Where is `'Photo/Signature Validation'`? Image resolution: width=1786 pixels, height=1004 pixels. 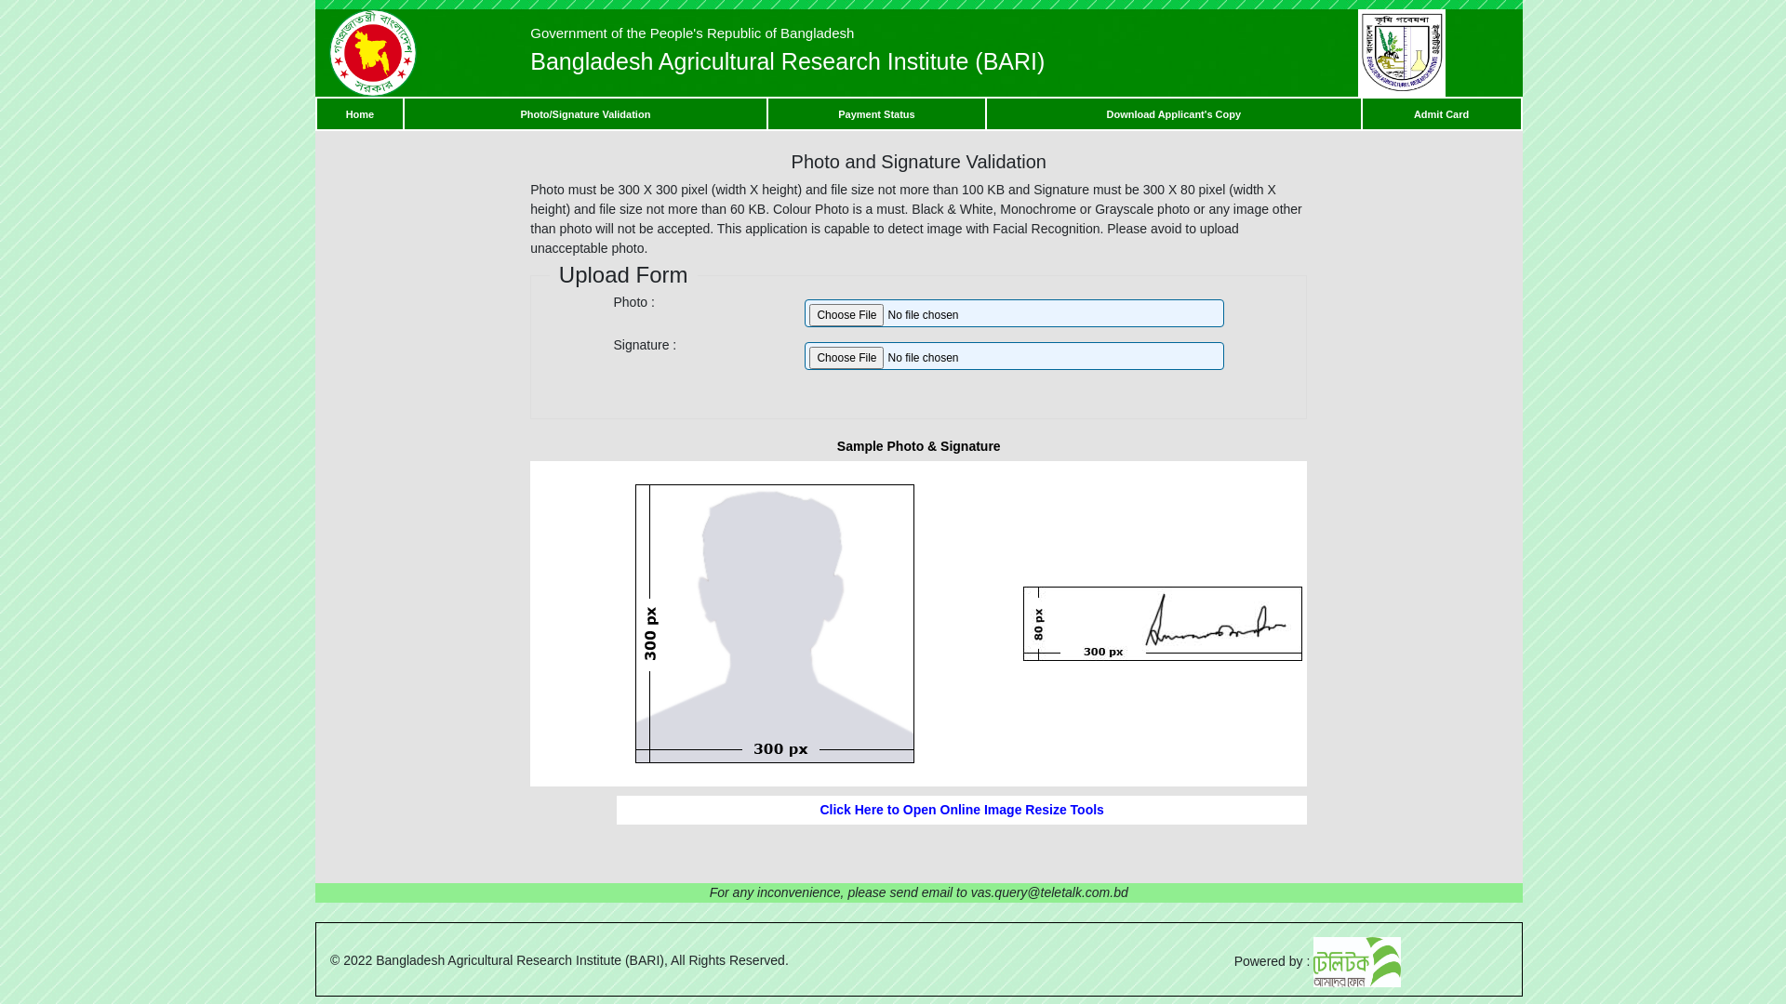 'Photo/Signature Validation' is located at coordinates (519, 114).